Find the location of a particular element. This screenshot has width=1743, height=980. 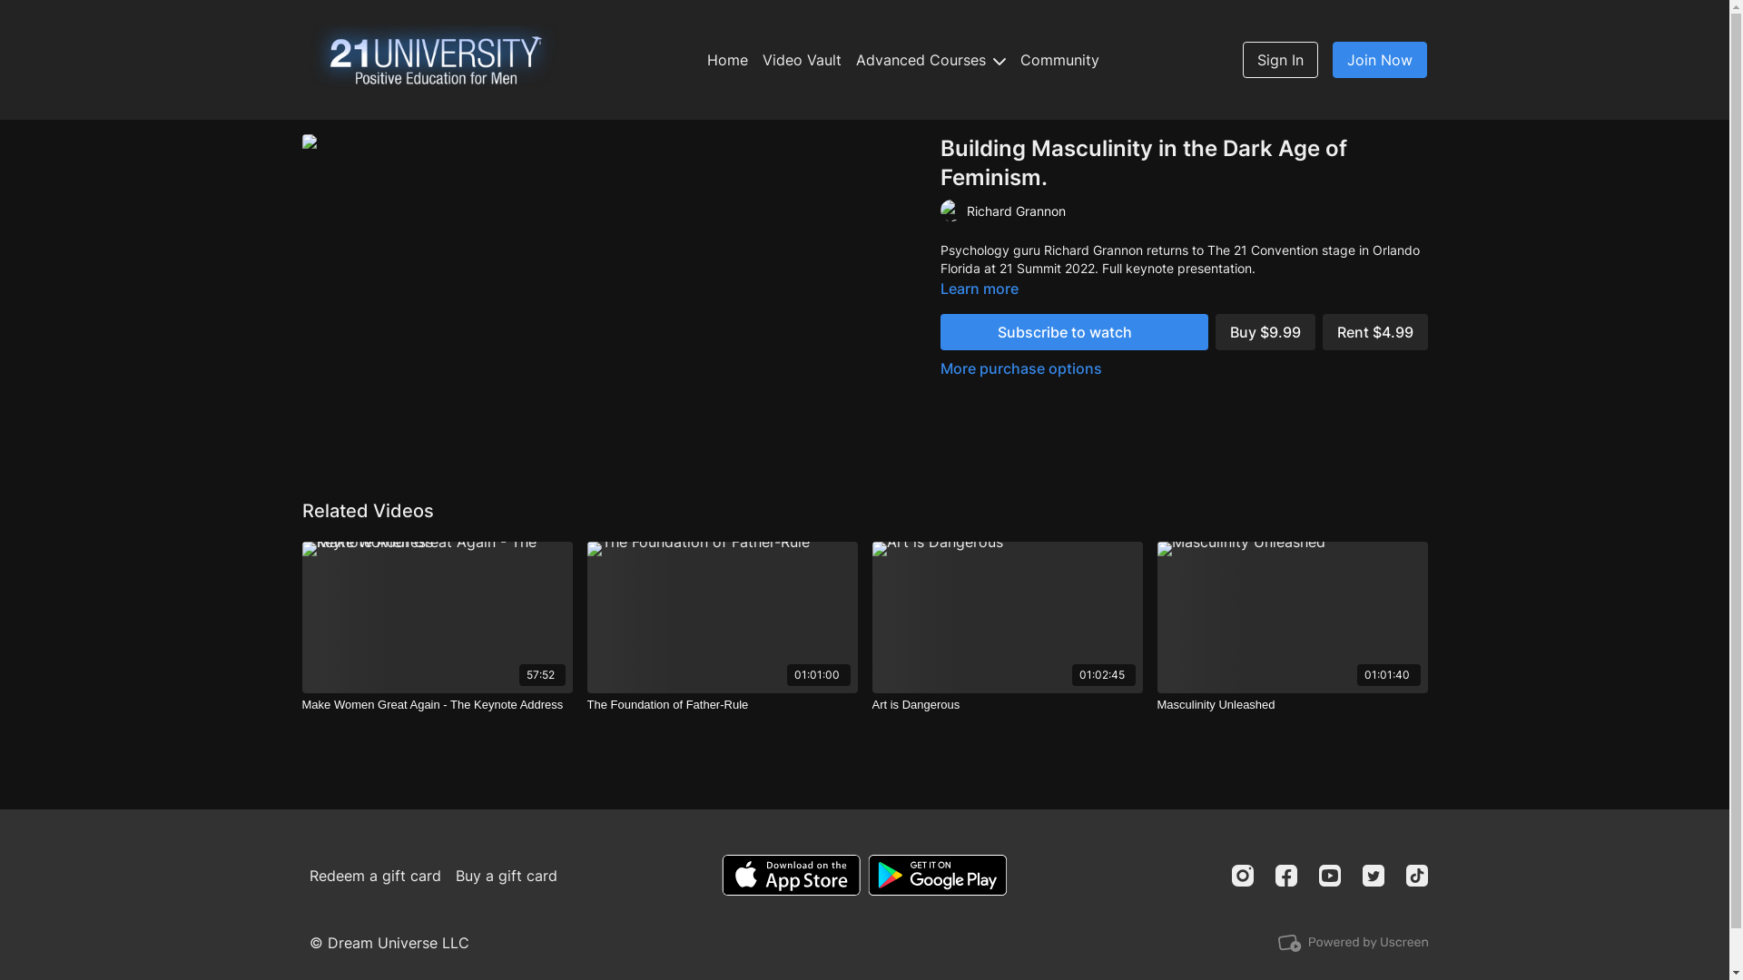

'01:02:45' is located at coordinates (1005, 616).